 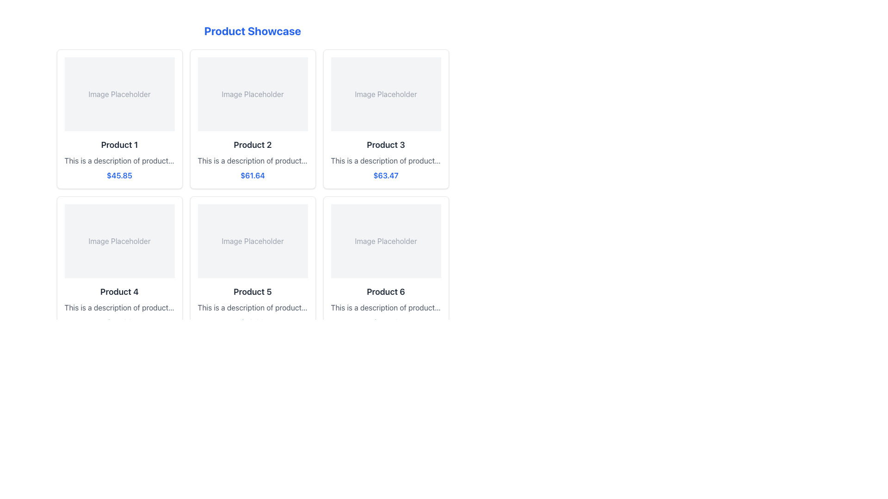 I want to click on the text label displaying 'Product 3', which is styled in a large, bold, dark gray font and aligned to the left, located between the image placeholder and the description text, so click(x=386, y=145).